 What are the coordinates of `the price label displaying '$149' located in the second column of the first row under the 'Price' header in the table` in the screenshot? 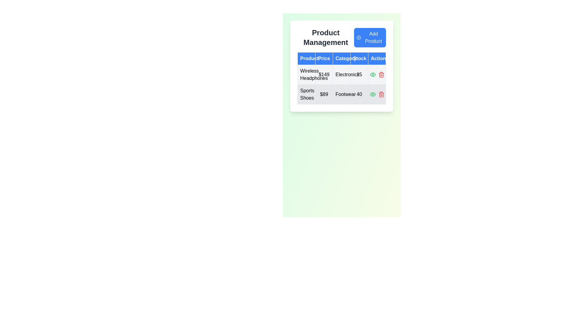 It's located at (324, 74).